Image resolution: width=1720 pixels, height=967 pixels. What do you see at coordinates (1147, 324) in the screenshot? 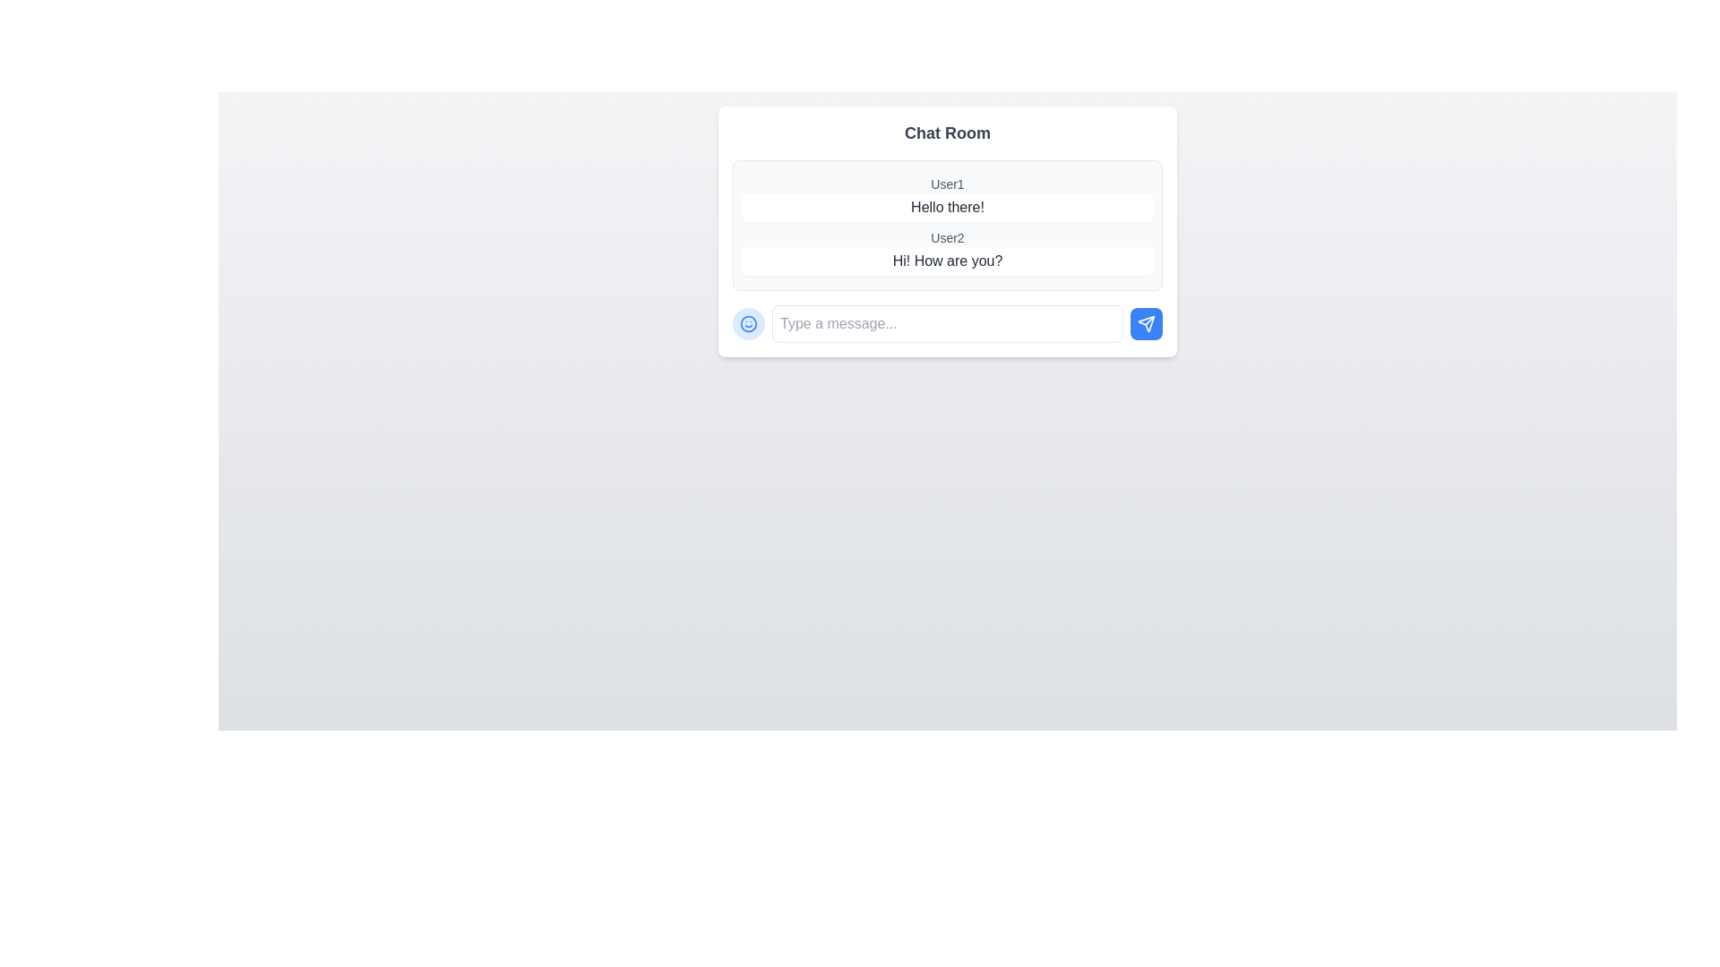
I see `the 'send' icon button, which is represented by a triangular paper plane within a blue circular button located at the bottom-right corner of the chat input field` at bounding box center [1147, 324].